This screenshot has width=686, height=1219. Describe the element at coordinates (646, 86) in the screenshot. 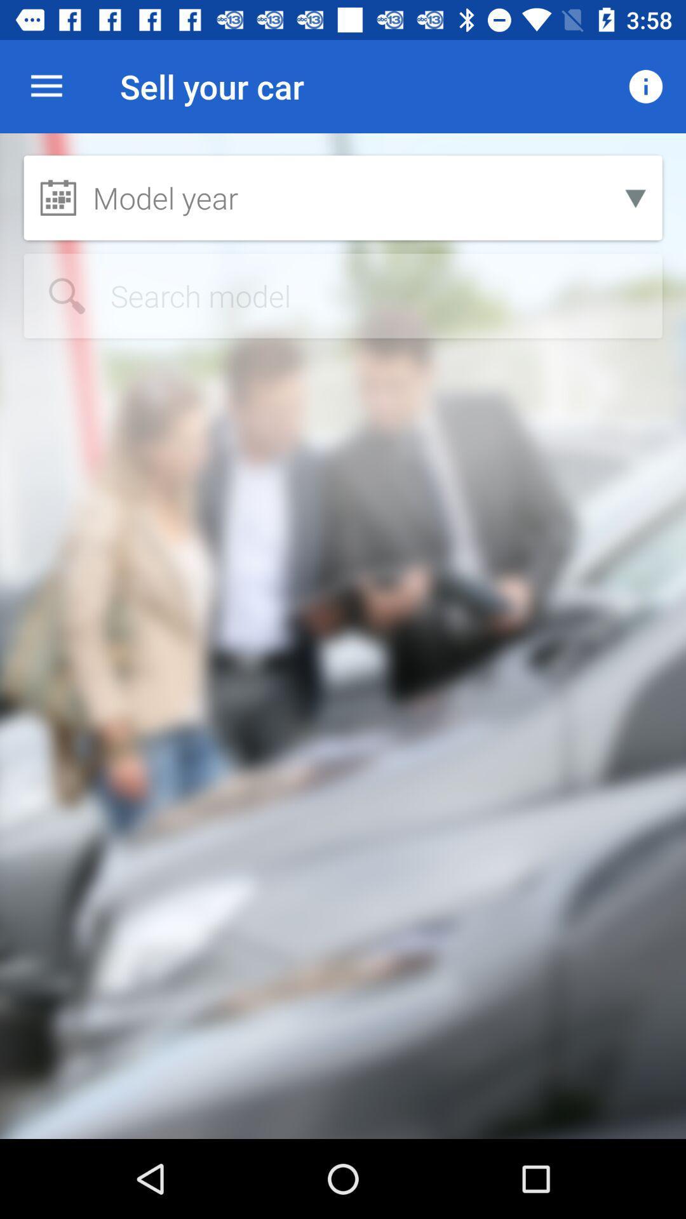

I see `the icon next to sell your car item` at that location.